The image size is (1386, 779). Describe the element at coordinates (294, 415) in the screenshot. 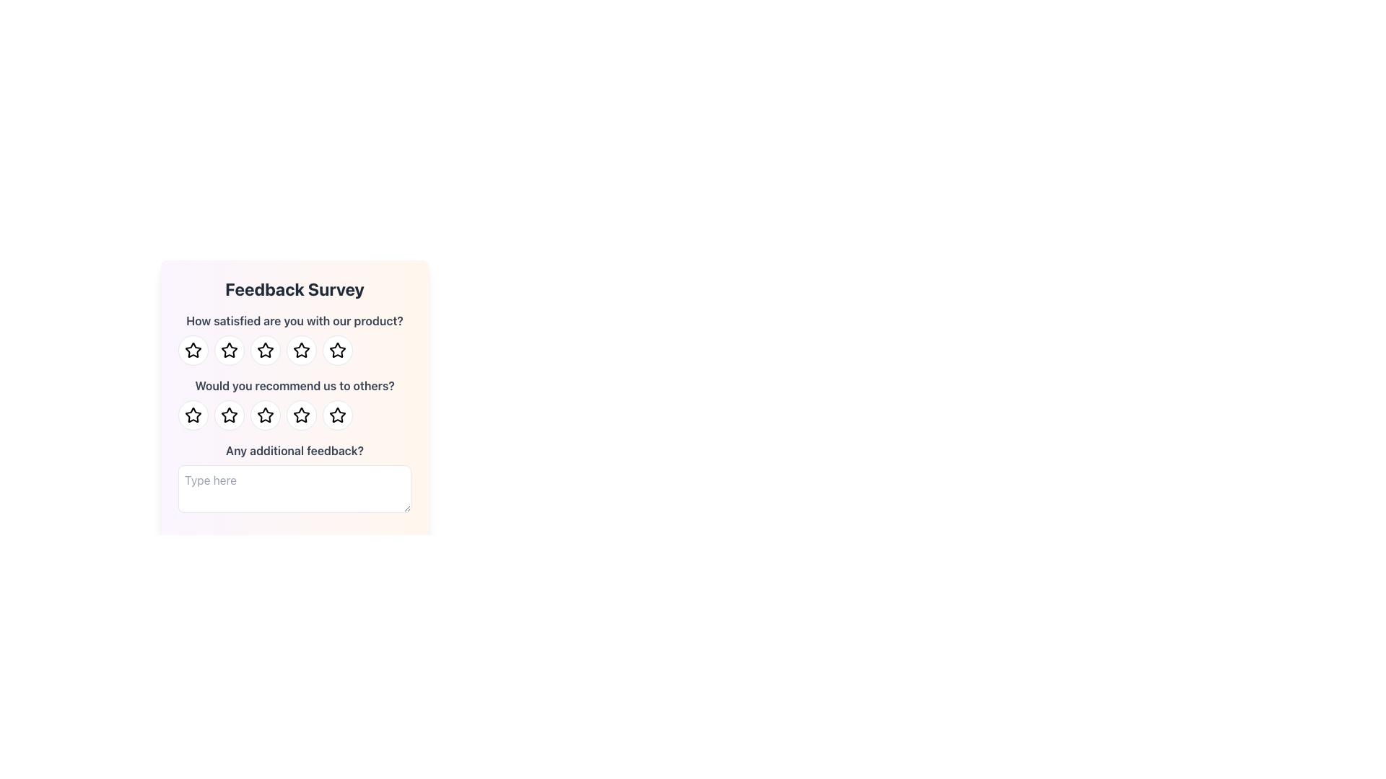

I see `the third star in the rating component` at that location.